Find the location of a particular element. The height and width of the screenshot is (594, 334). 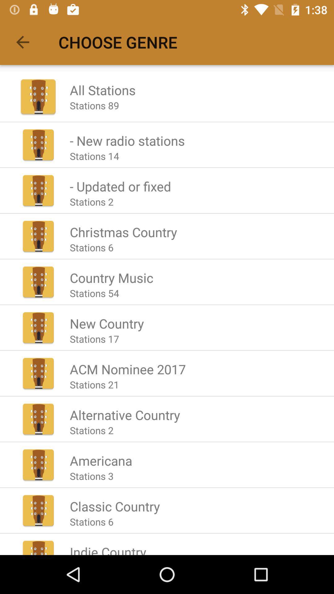

stations 21 item is located at coordinates (94, 384).